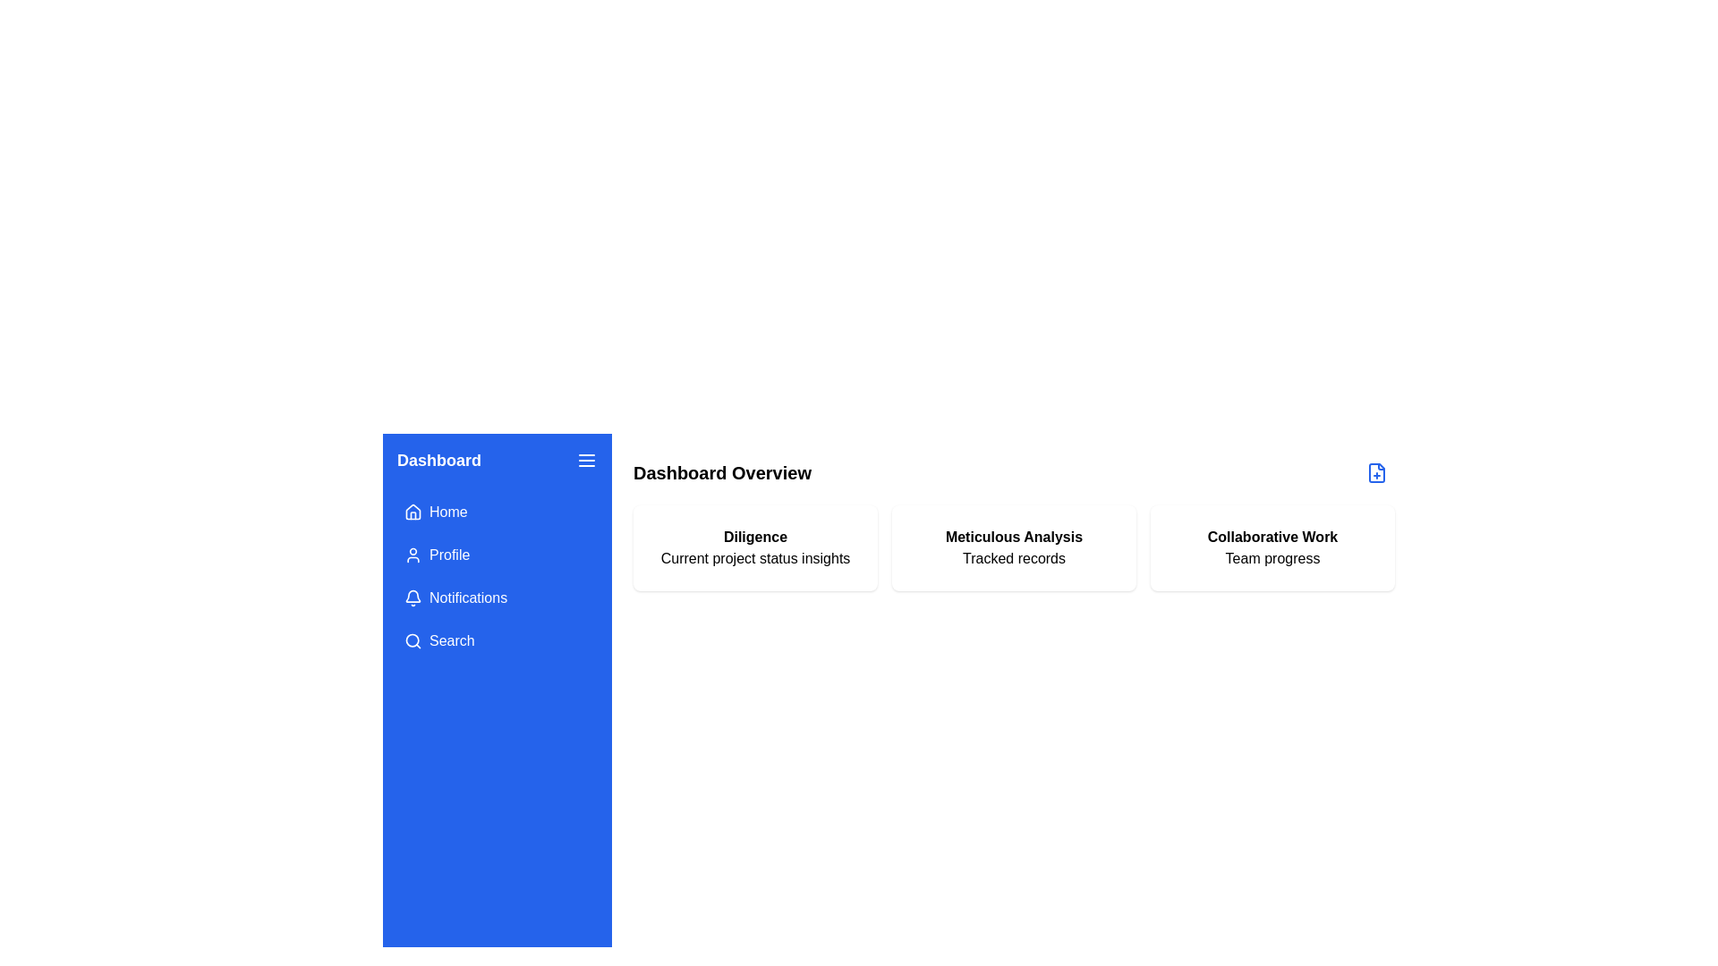  What do you see at coordinates (1376, 471) in the screenshot?
I see `the file-plus icon located at the top-right corner of the page, which features a blue outline and a plus sign` at bounding box center [1376, 471].